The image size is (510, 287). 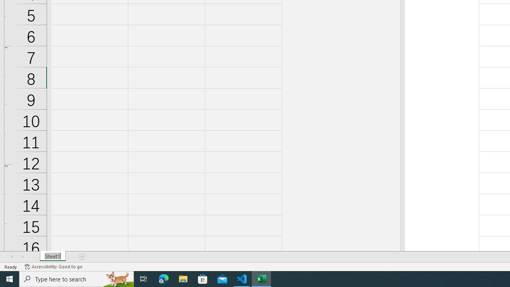 What do you see at coordinates (52, 257) in the screenshot?
I see `'Sheet1'` at bounding box center [52, 257].